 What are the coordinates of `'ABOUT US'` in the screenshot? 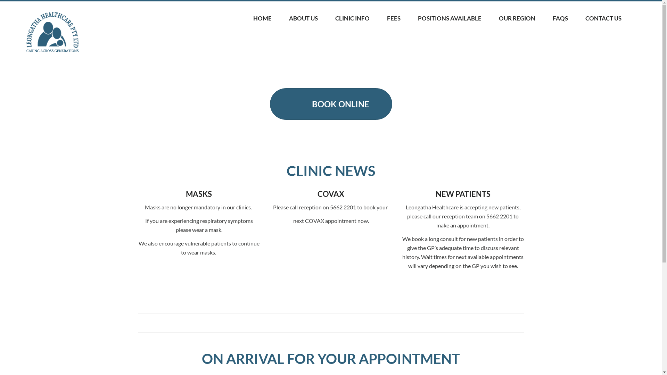 It's located at (303, 18).